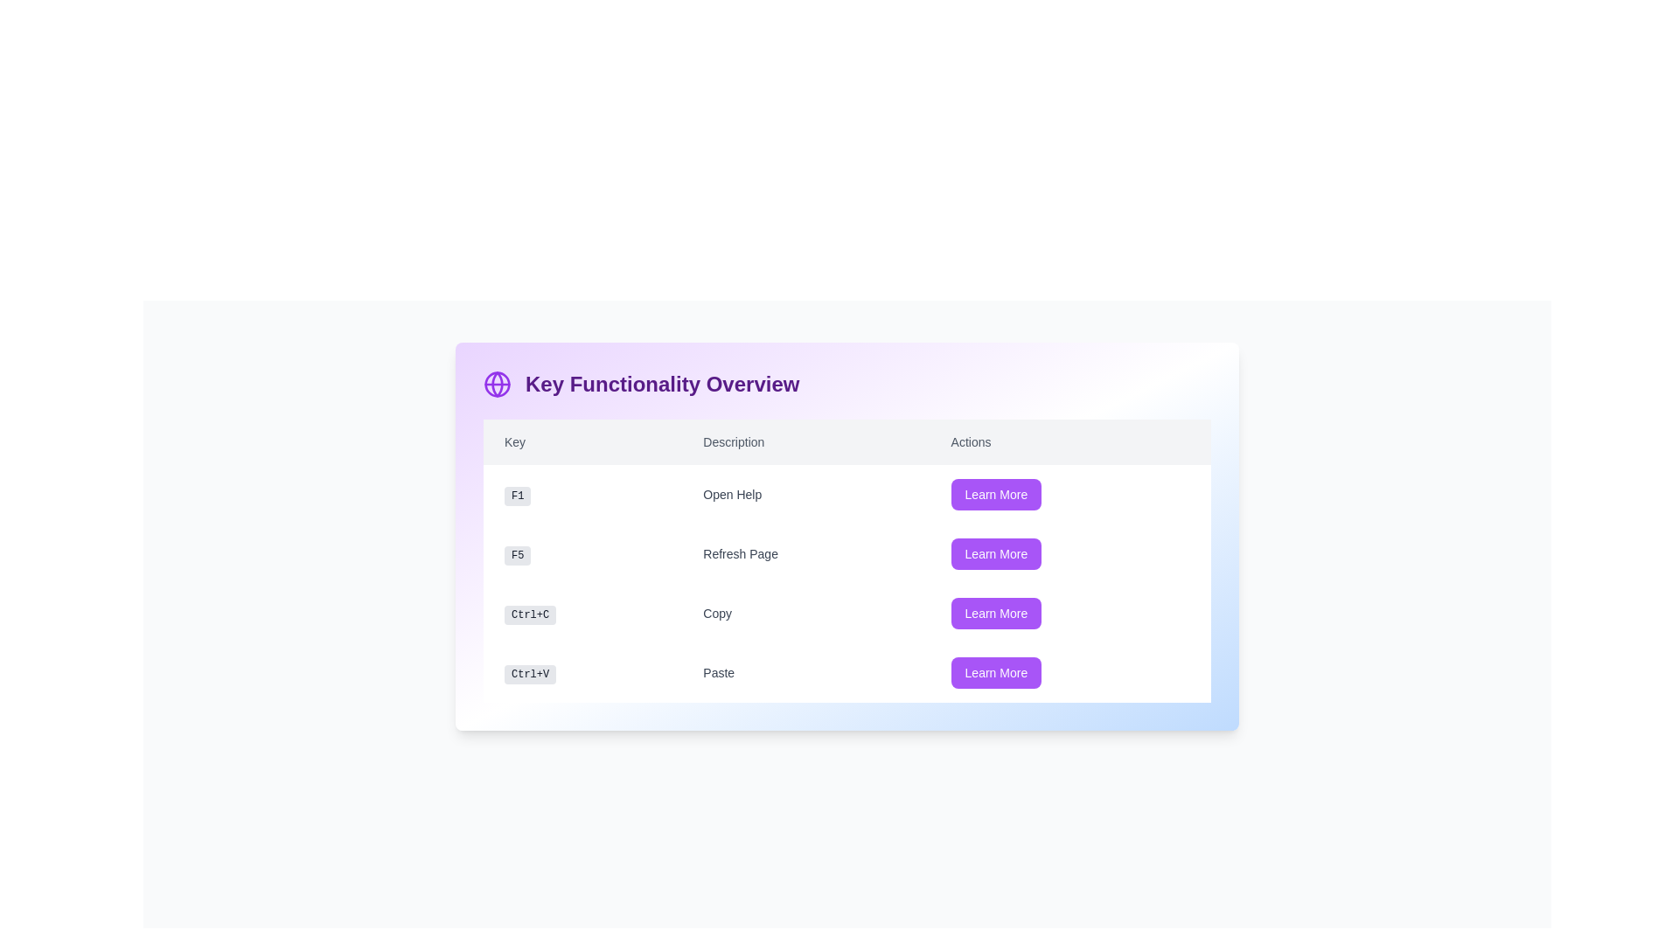  I want to click on the text label styled as a button that represents the 'Ctrl+C' keyboard shortcut, located in the 'Key' column of the table, as the third item under 'F1' and 'F5', indicating a 'Copy' action, so click(582, 613).